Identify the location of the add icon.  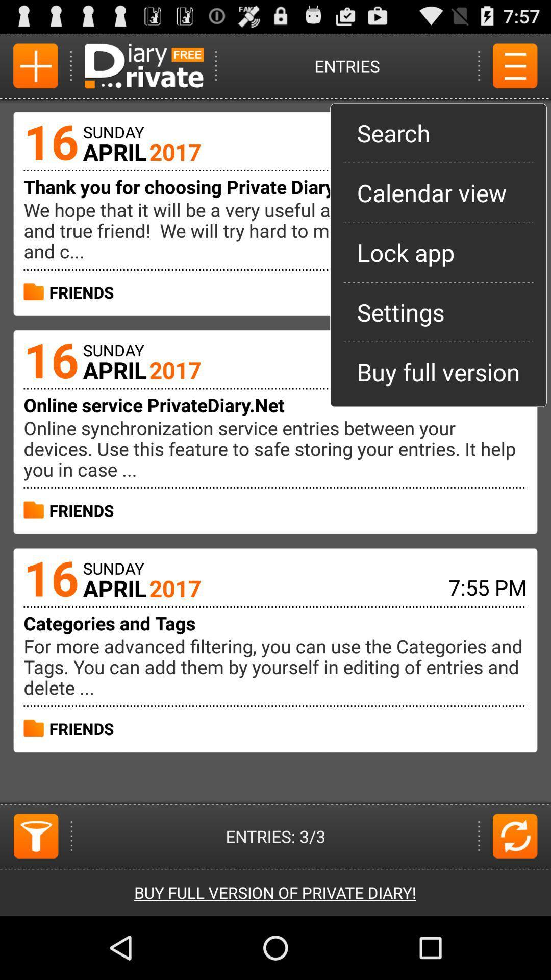
(35, 70).